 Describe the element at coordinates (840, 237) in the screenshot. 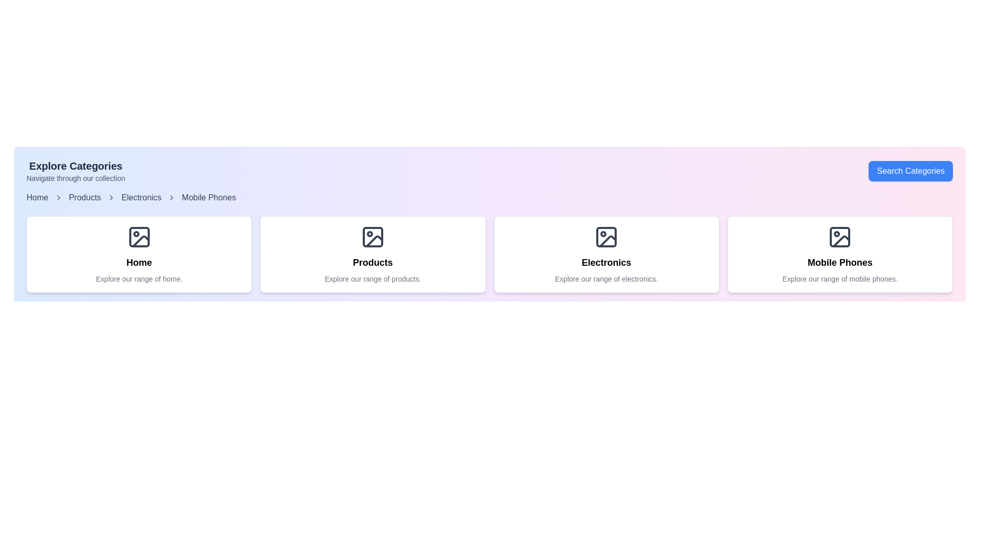

I see `the decorative graphic element that symbolizes the 'Mobile Phones' category, located in the bottom-right card of the four cards displayed in a row` at that location.